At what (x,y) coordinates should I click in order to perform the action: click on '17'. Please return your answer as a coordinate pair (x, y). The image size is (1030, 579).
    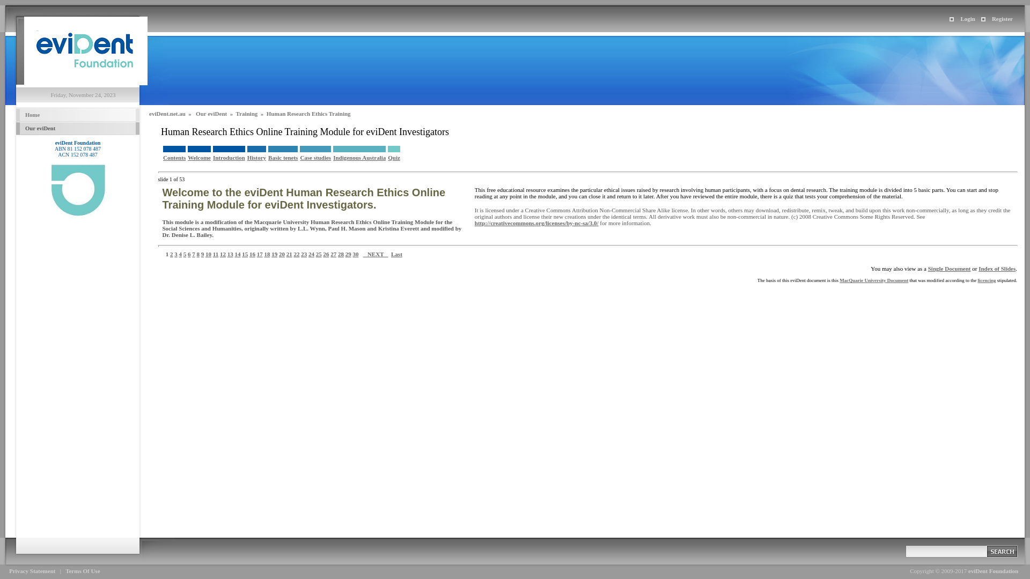
    Looking at the image, I should click on (260, 254).